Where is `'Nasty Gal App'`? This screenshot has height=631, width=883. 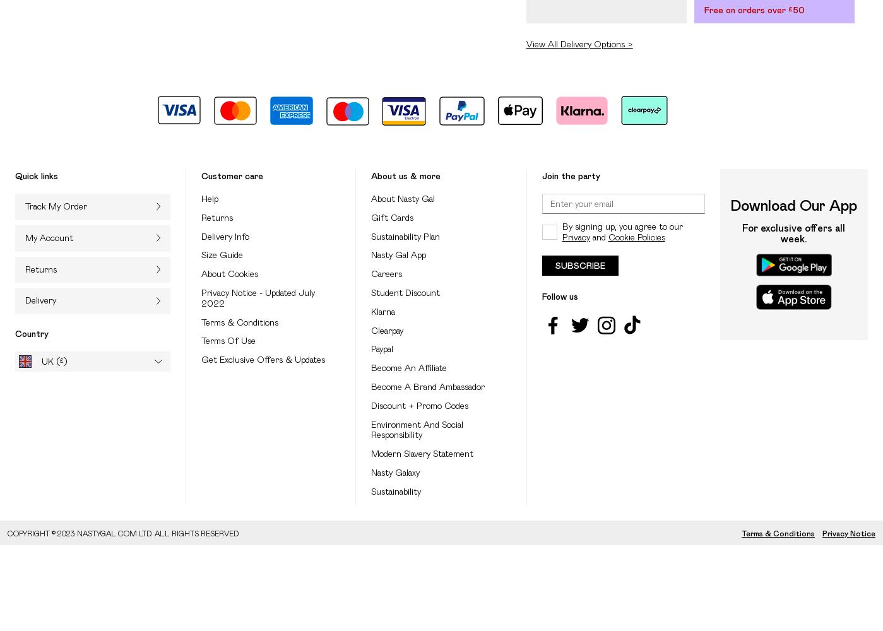
'Nasty Gal App' is located at coordinates (398, 255).